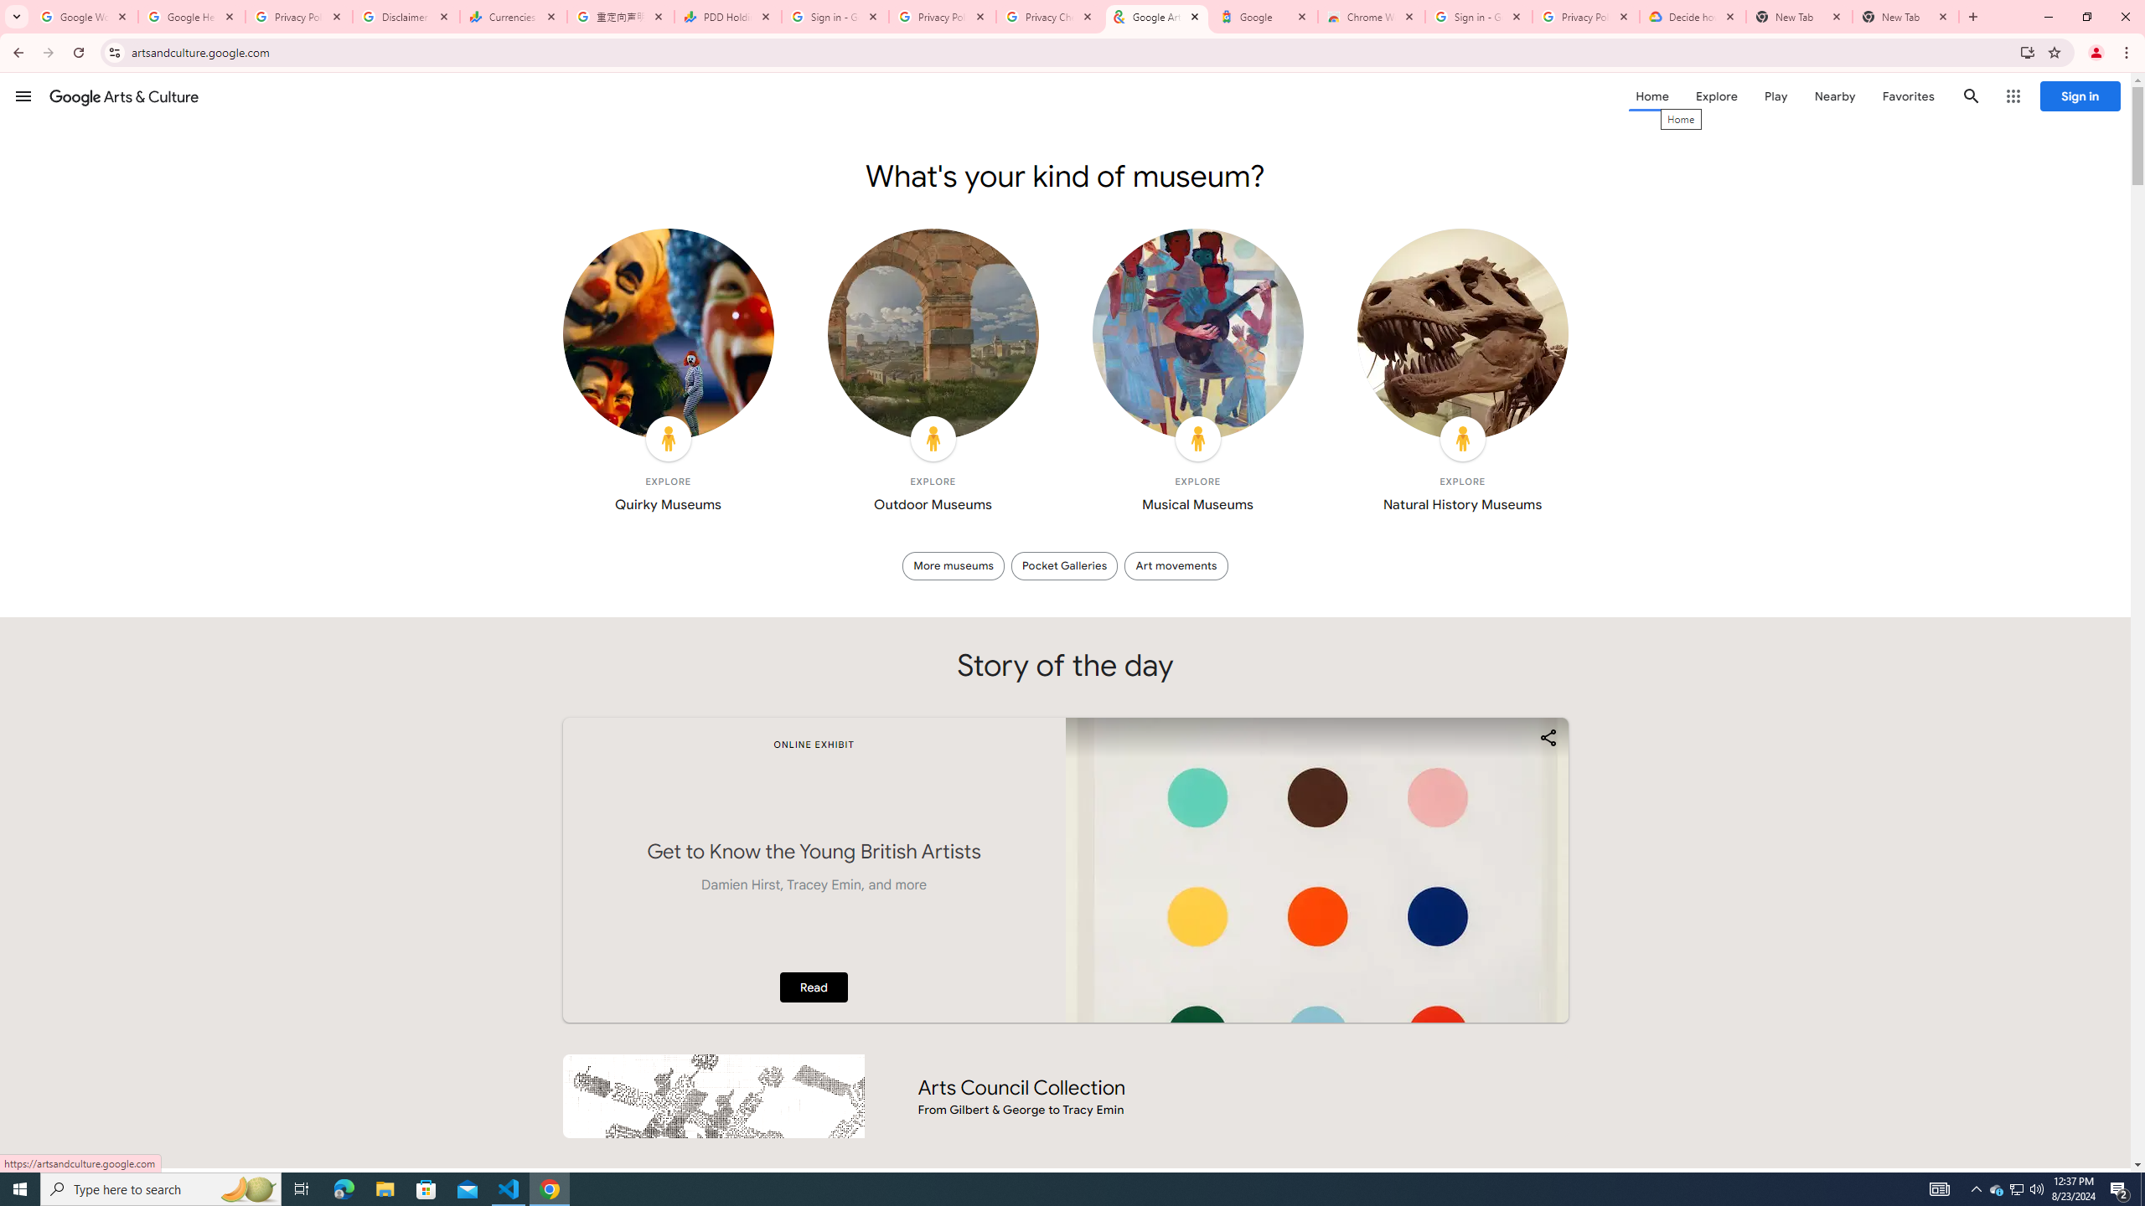  Describe the element at coordinates (667, 375) in the screenshot. I see `'EXPLORE Quirky Museums'` at that location.